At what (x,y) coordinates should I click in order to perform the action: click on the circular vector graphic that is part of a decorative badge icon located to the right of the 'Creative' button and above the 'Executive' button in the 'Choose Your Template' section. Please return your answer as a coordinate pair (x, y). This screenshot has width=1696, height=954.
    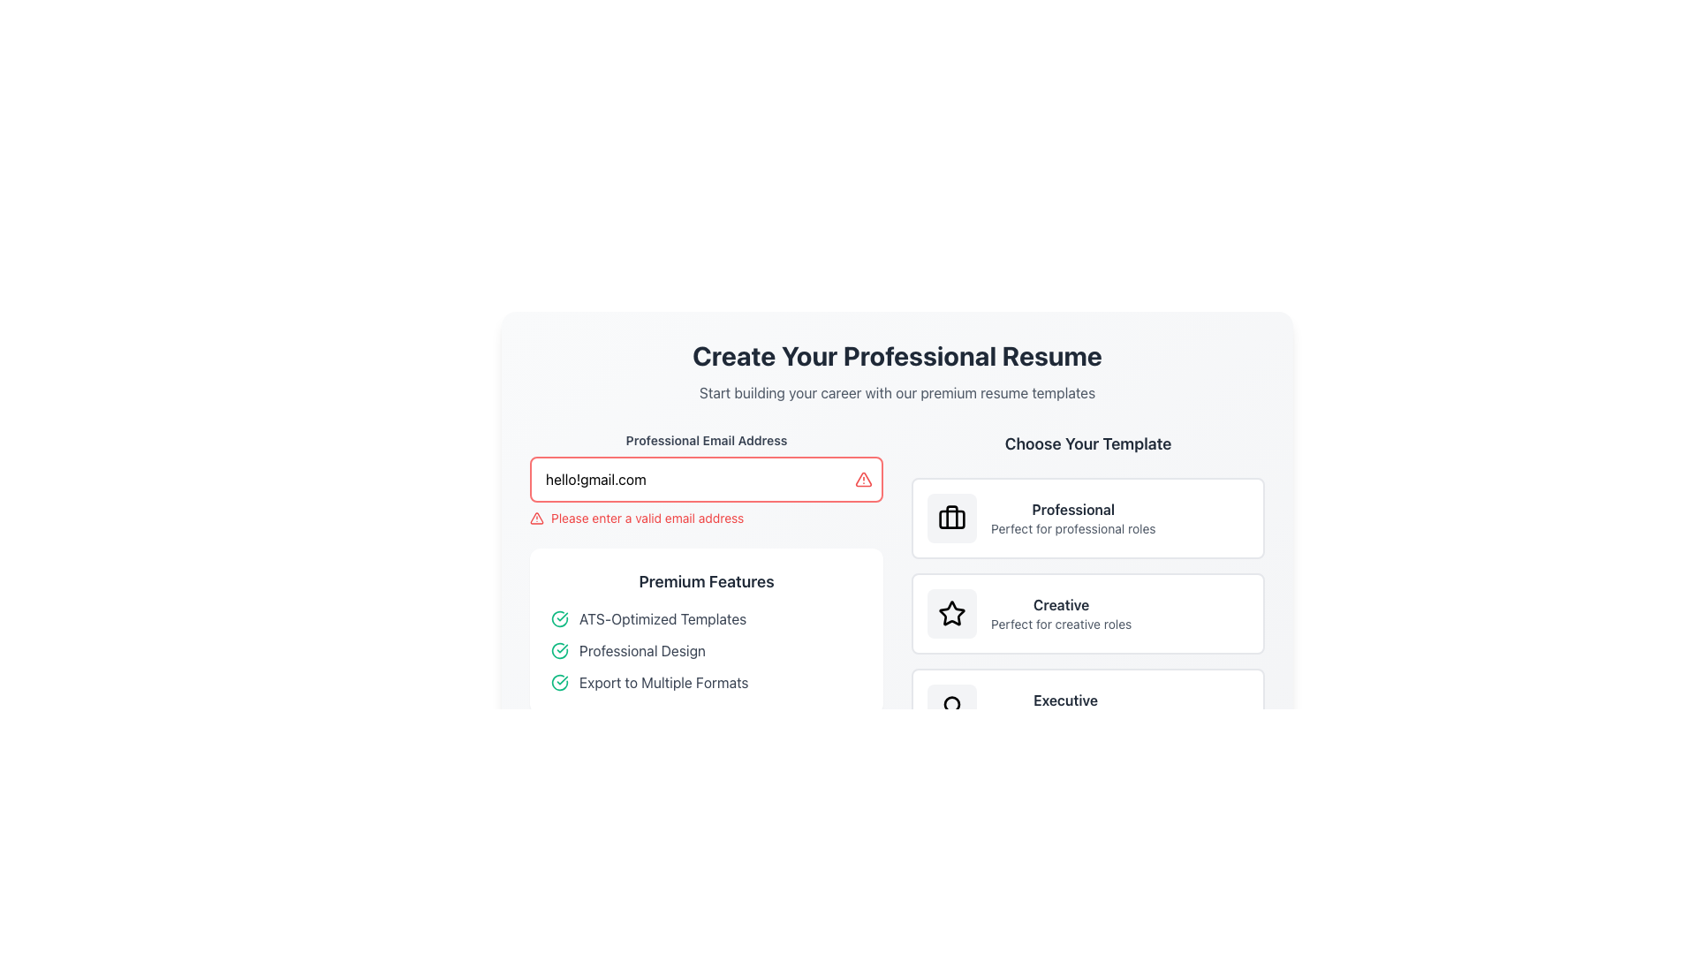
    Looking at the image, I should click on (951, 703).